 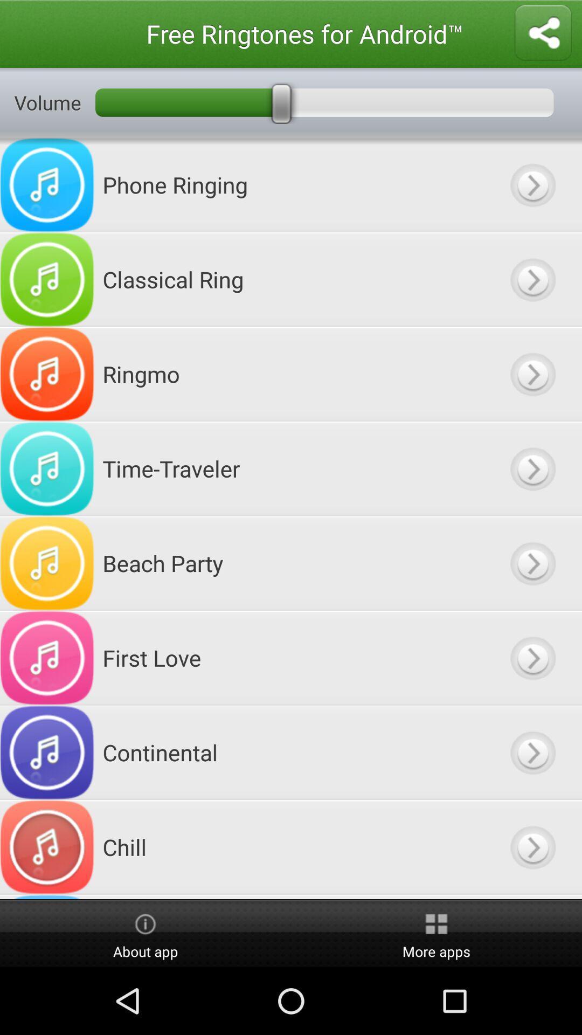 What do you see at coordinates (543, 33) in the screenshot?
I see `share on social media` at bounding box center [543, 33].